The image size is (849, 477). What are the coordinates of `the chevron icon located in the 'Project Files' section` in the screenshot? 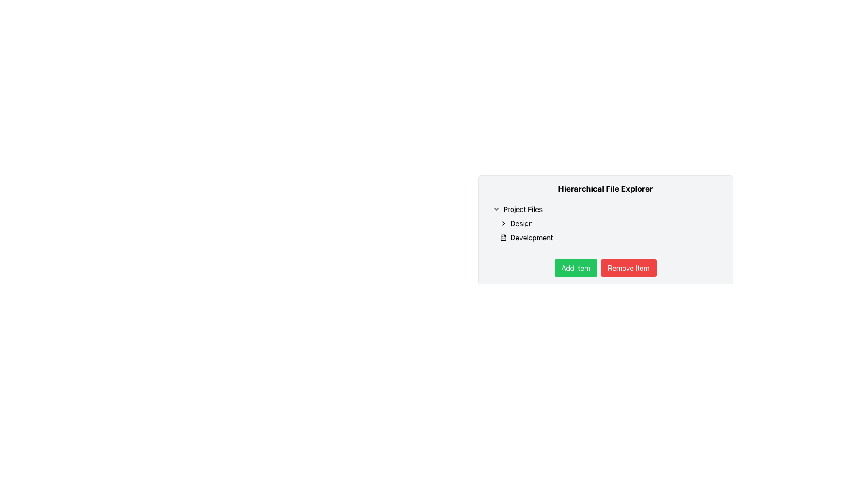 It's located at (496, 209).